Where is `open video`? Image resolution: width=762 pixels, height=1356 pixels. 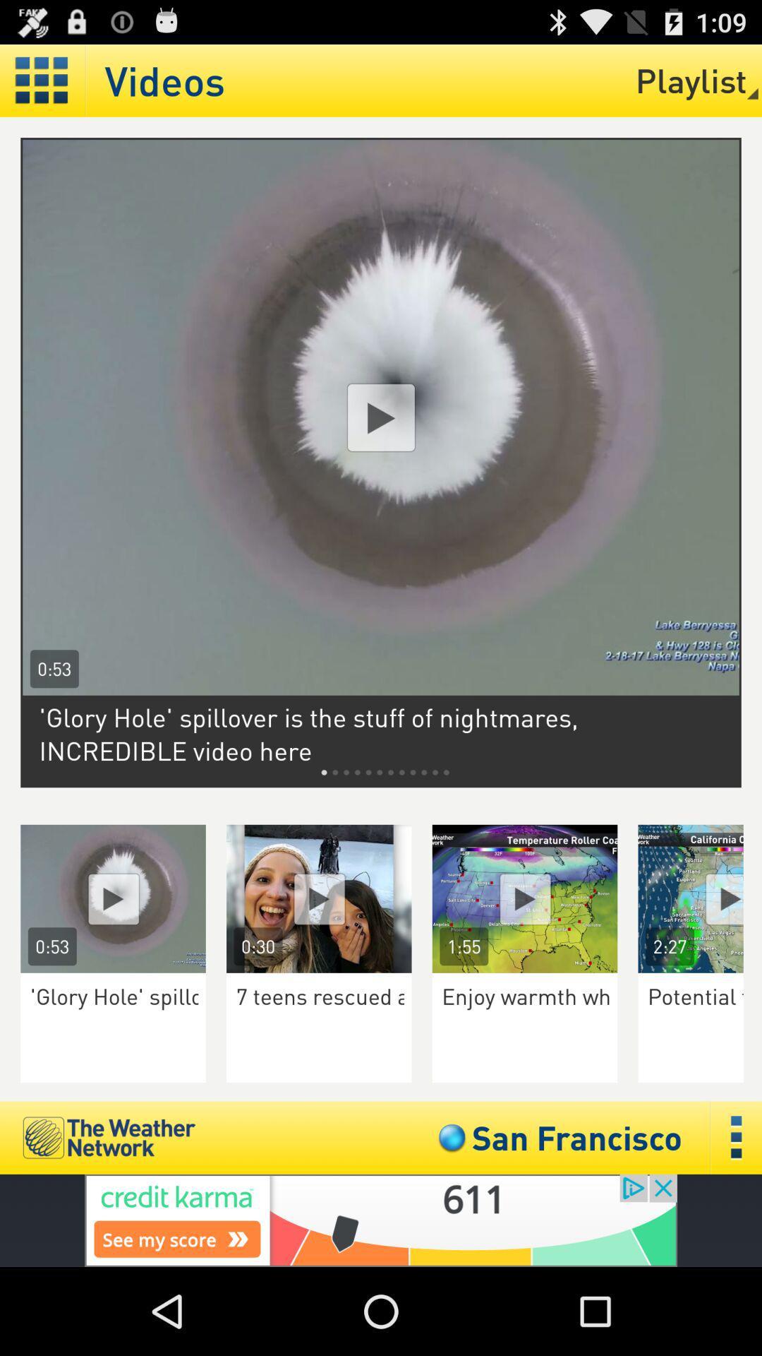
open video is located at coordinates (112, 898).